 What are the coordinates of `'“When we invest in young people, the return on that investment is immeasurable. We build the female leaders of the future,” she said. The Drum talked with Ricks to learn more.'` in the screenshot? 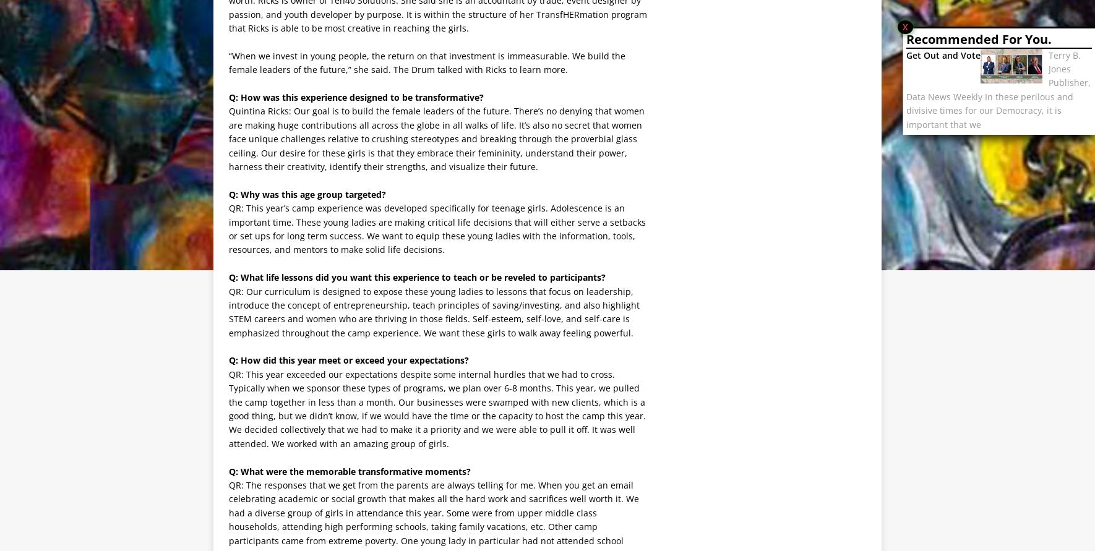 It's located at (426, 62).